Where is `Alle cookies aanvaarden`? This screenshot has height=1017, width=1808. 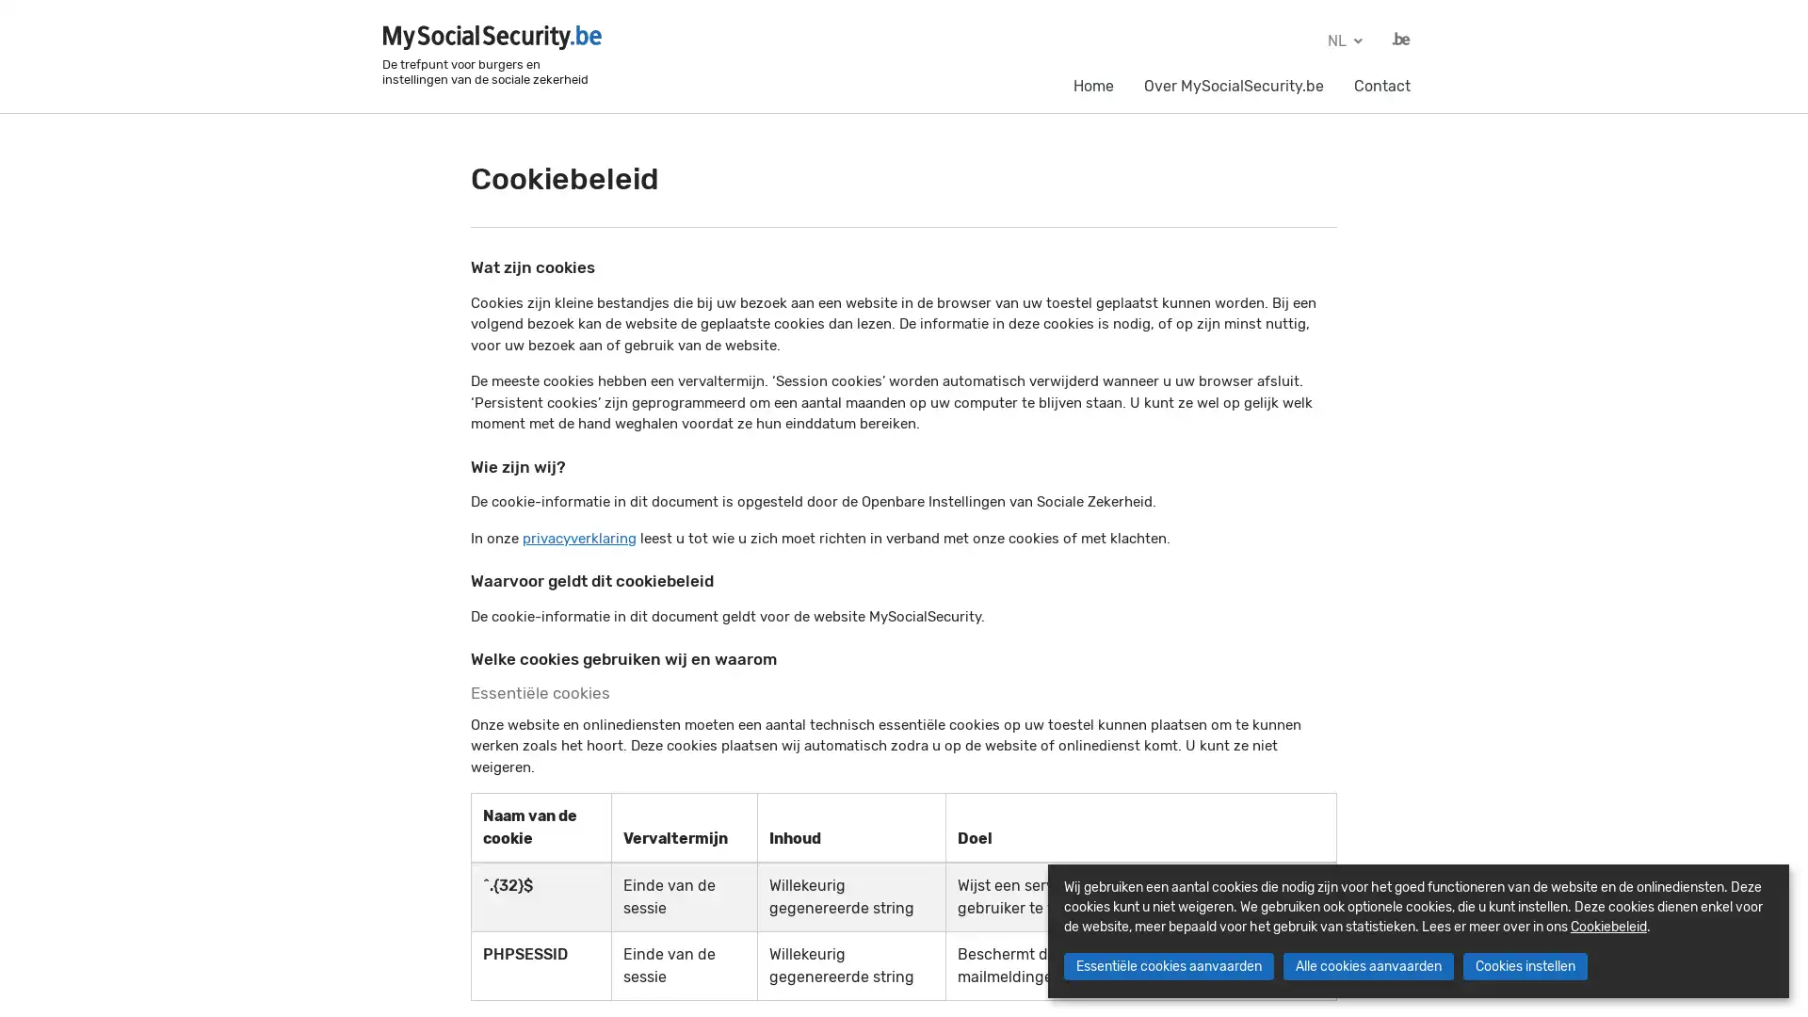
Alle cookies aanvaarden is located at coordinates (1367, 966).